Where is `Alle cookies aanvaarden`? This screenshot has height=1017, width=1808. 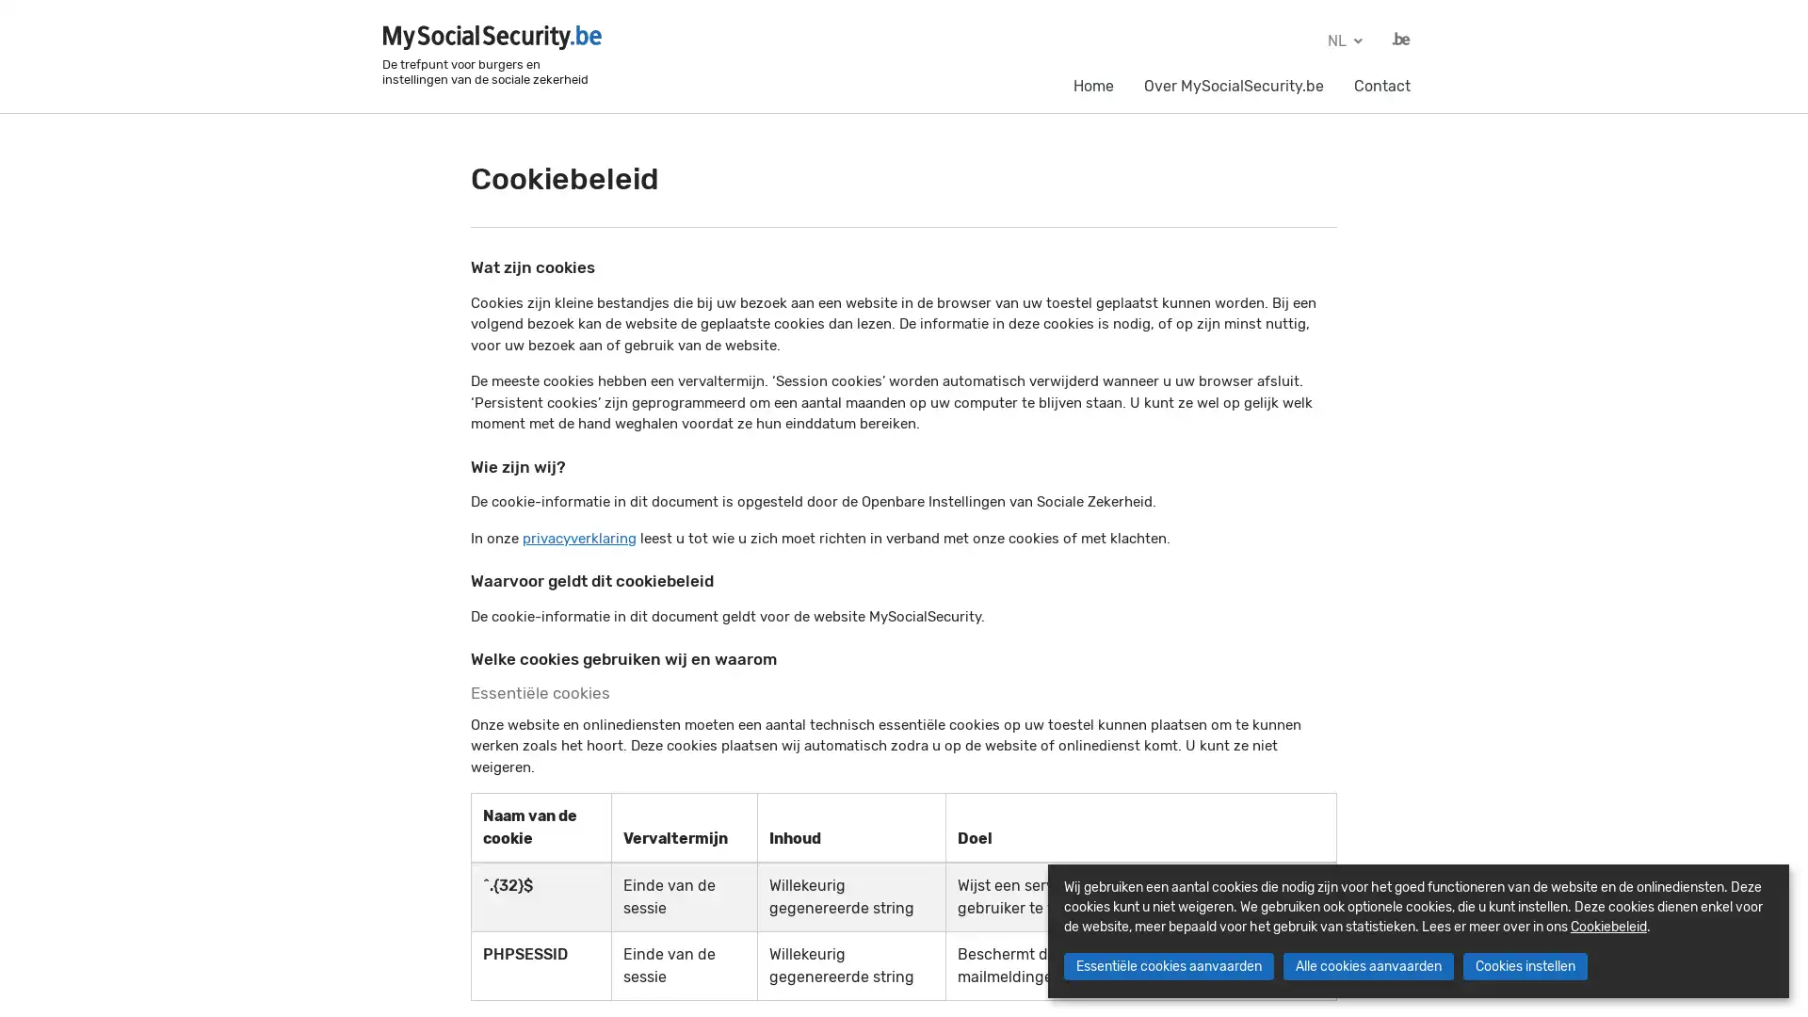
Alle cookies aanvaarden is located at coordinates (1367, 966).